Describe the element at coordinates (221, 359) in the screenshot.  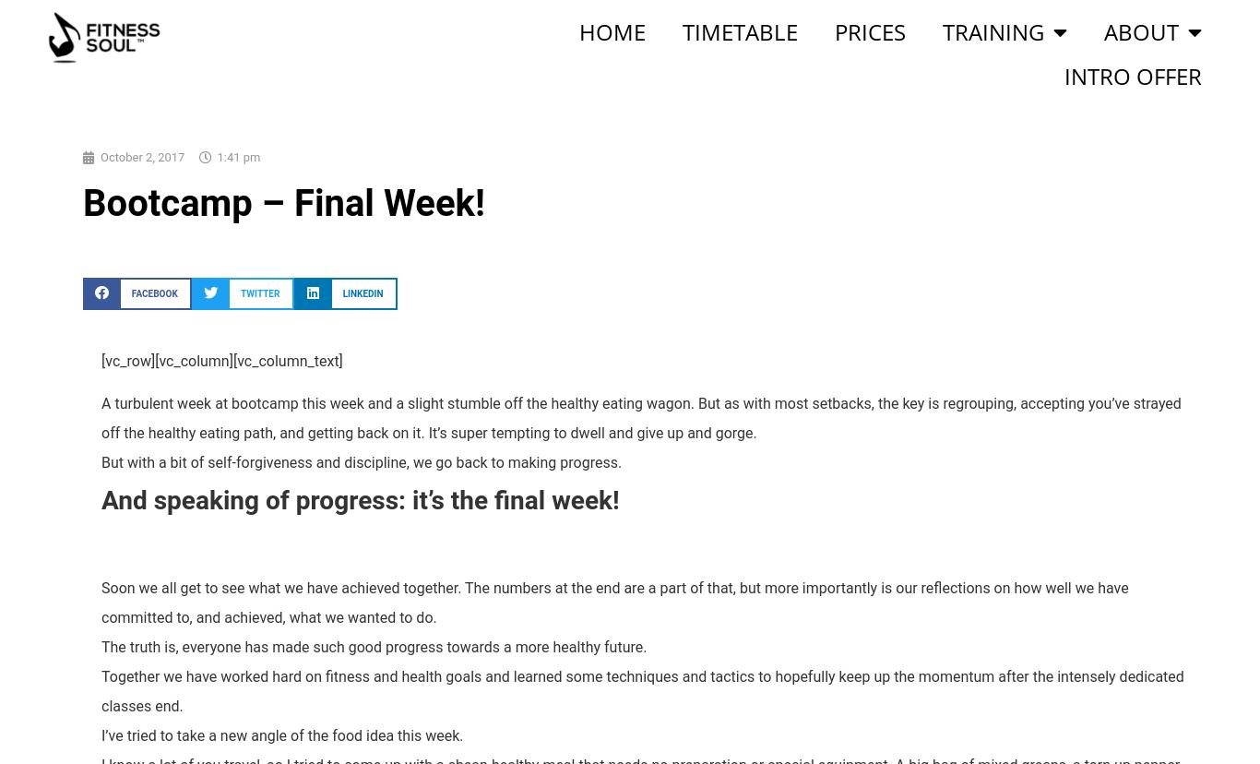
I see `'[vc_row][vc_column][vc_column_text]'` at that location.